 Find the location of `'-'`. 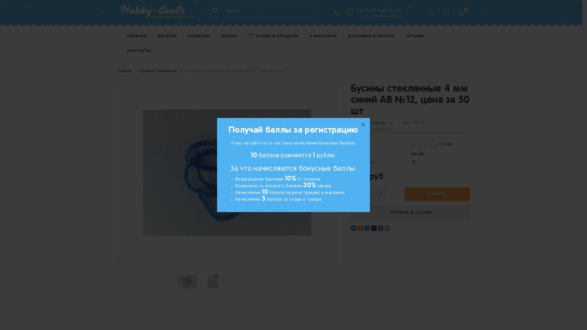

'-' is located at coordinates (356, 194).